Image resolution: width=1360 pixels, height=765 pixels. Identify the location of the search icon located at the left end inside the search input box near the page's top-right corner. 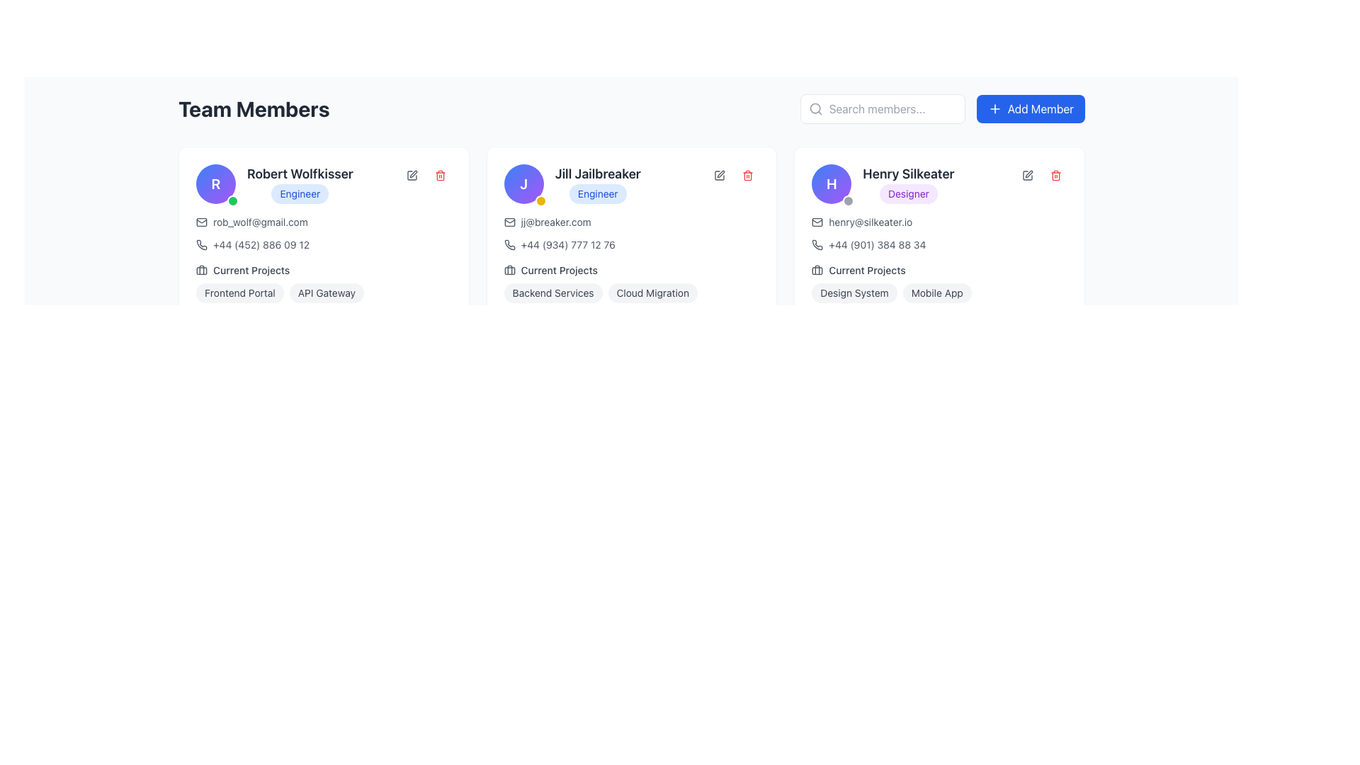
(815, 108).